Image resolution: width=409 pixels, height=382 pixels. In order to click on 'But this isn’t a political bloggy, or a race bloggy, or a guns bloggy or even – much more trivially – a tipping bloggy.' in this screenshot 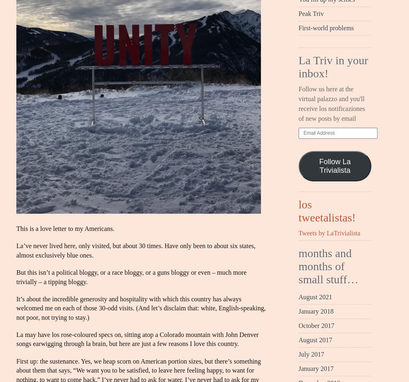, I will do `click(131, 277)`.